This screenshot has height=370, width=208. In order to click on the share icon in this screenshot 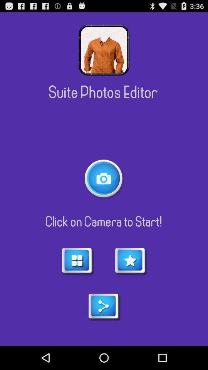, I will do `click(104, 328)`.